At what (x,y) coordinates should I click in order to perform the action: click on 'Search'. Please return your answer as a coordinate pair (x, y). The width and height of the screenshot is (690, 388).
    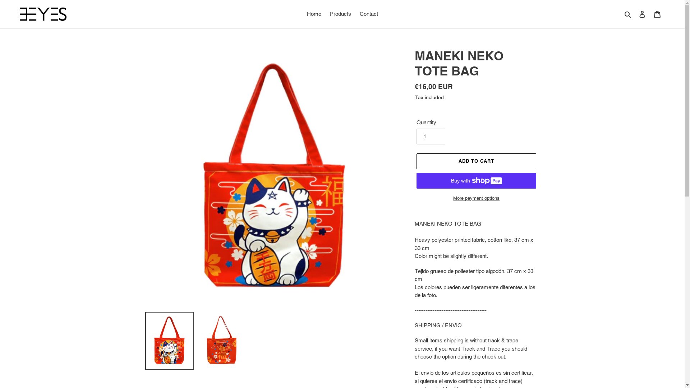
    Looking at the image, I should click on (628, 14).